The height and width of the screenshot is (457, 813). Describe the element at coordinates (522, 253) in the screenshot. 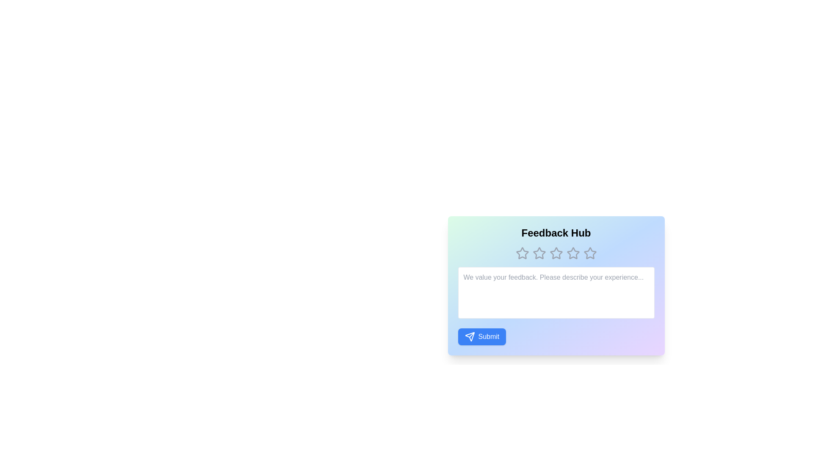

I see `the star corresponding to the rating 1` at that location.